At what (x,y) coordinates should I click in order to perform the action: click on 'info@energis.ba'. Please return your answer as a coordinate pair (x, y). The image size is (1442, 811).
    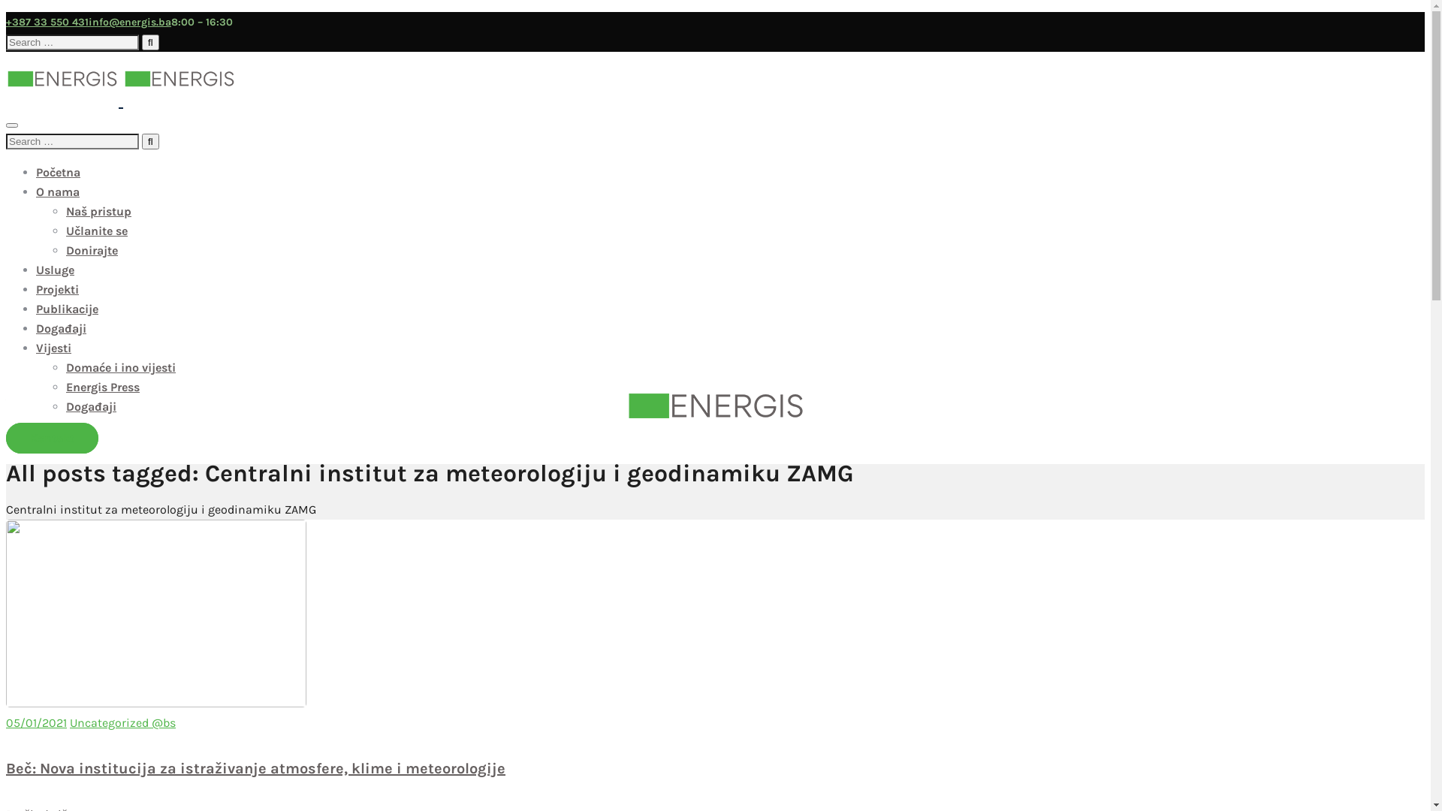
    Looking at the image, I should click on (129, 22).